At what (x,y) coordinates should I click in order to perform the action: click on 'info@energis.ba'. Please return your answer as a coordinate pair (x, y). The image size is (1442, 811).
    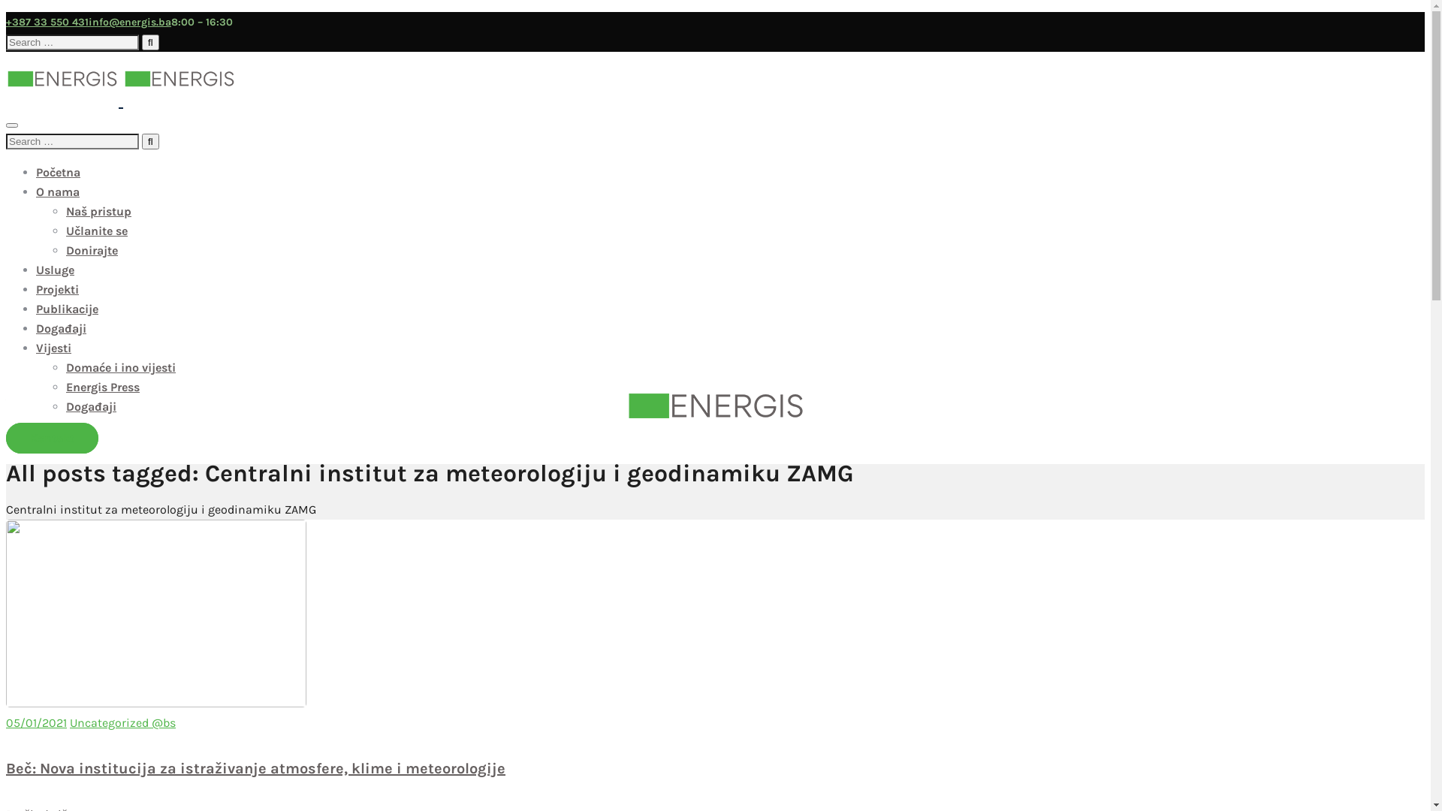
    Looking at the image, I should click on (129, 22).